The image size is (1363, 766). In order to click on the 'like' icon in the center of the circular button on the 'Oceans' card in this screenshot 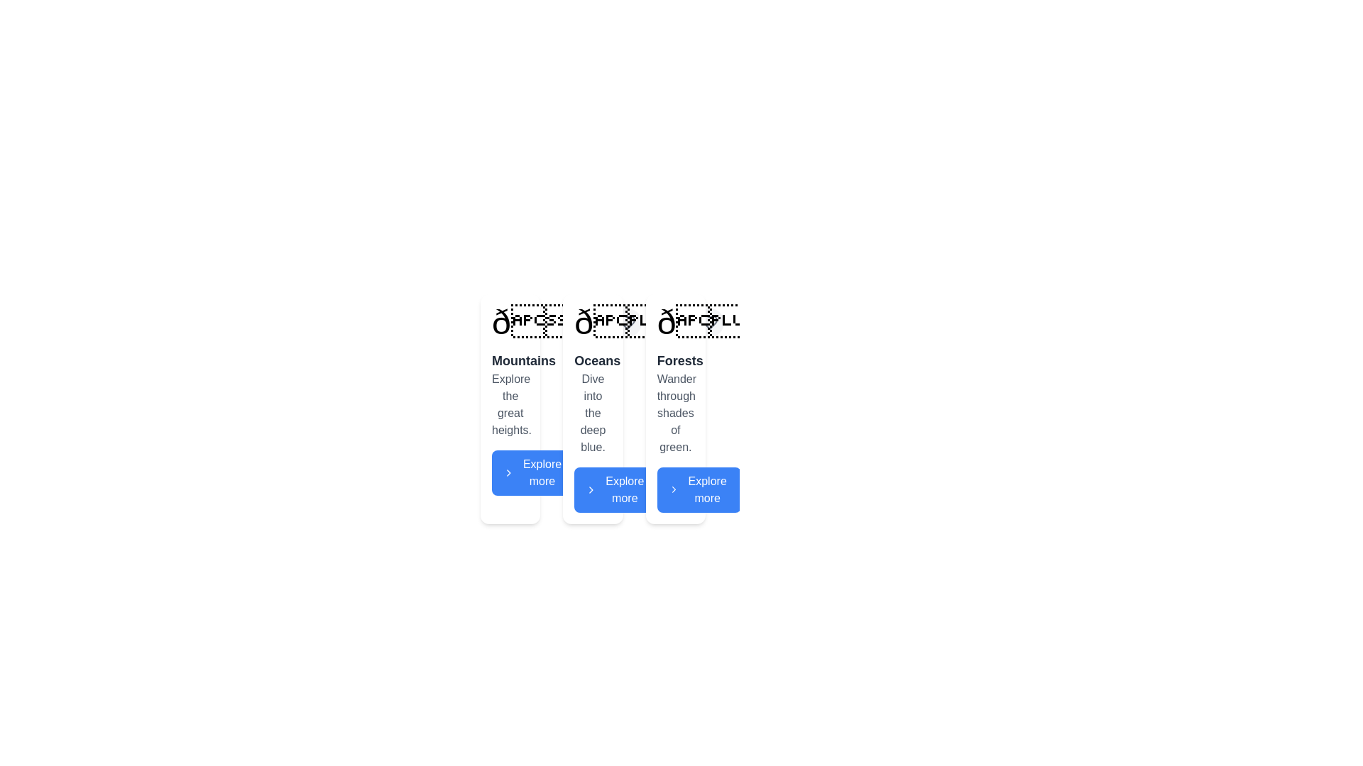, I will do `click(626, 323)`.